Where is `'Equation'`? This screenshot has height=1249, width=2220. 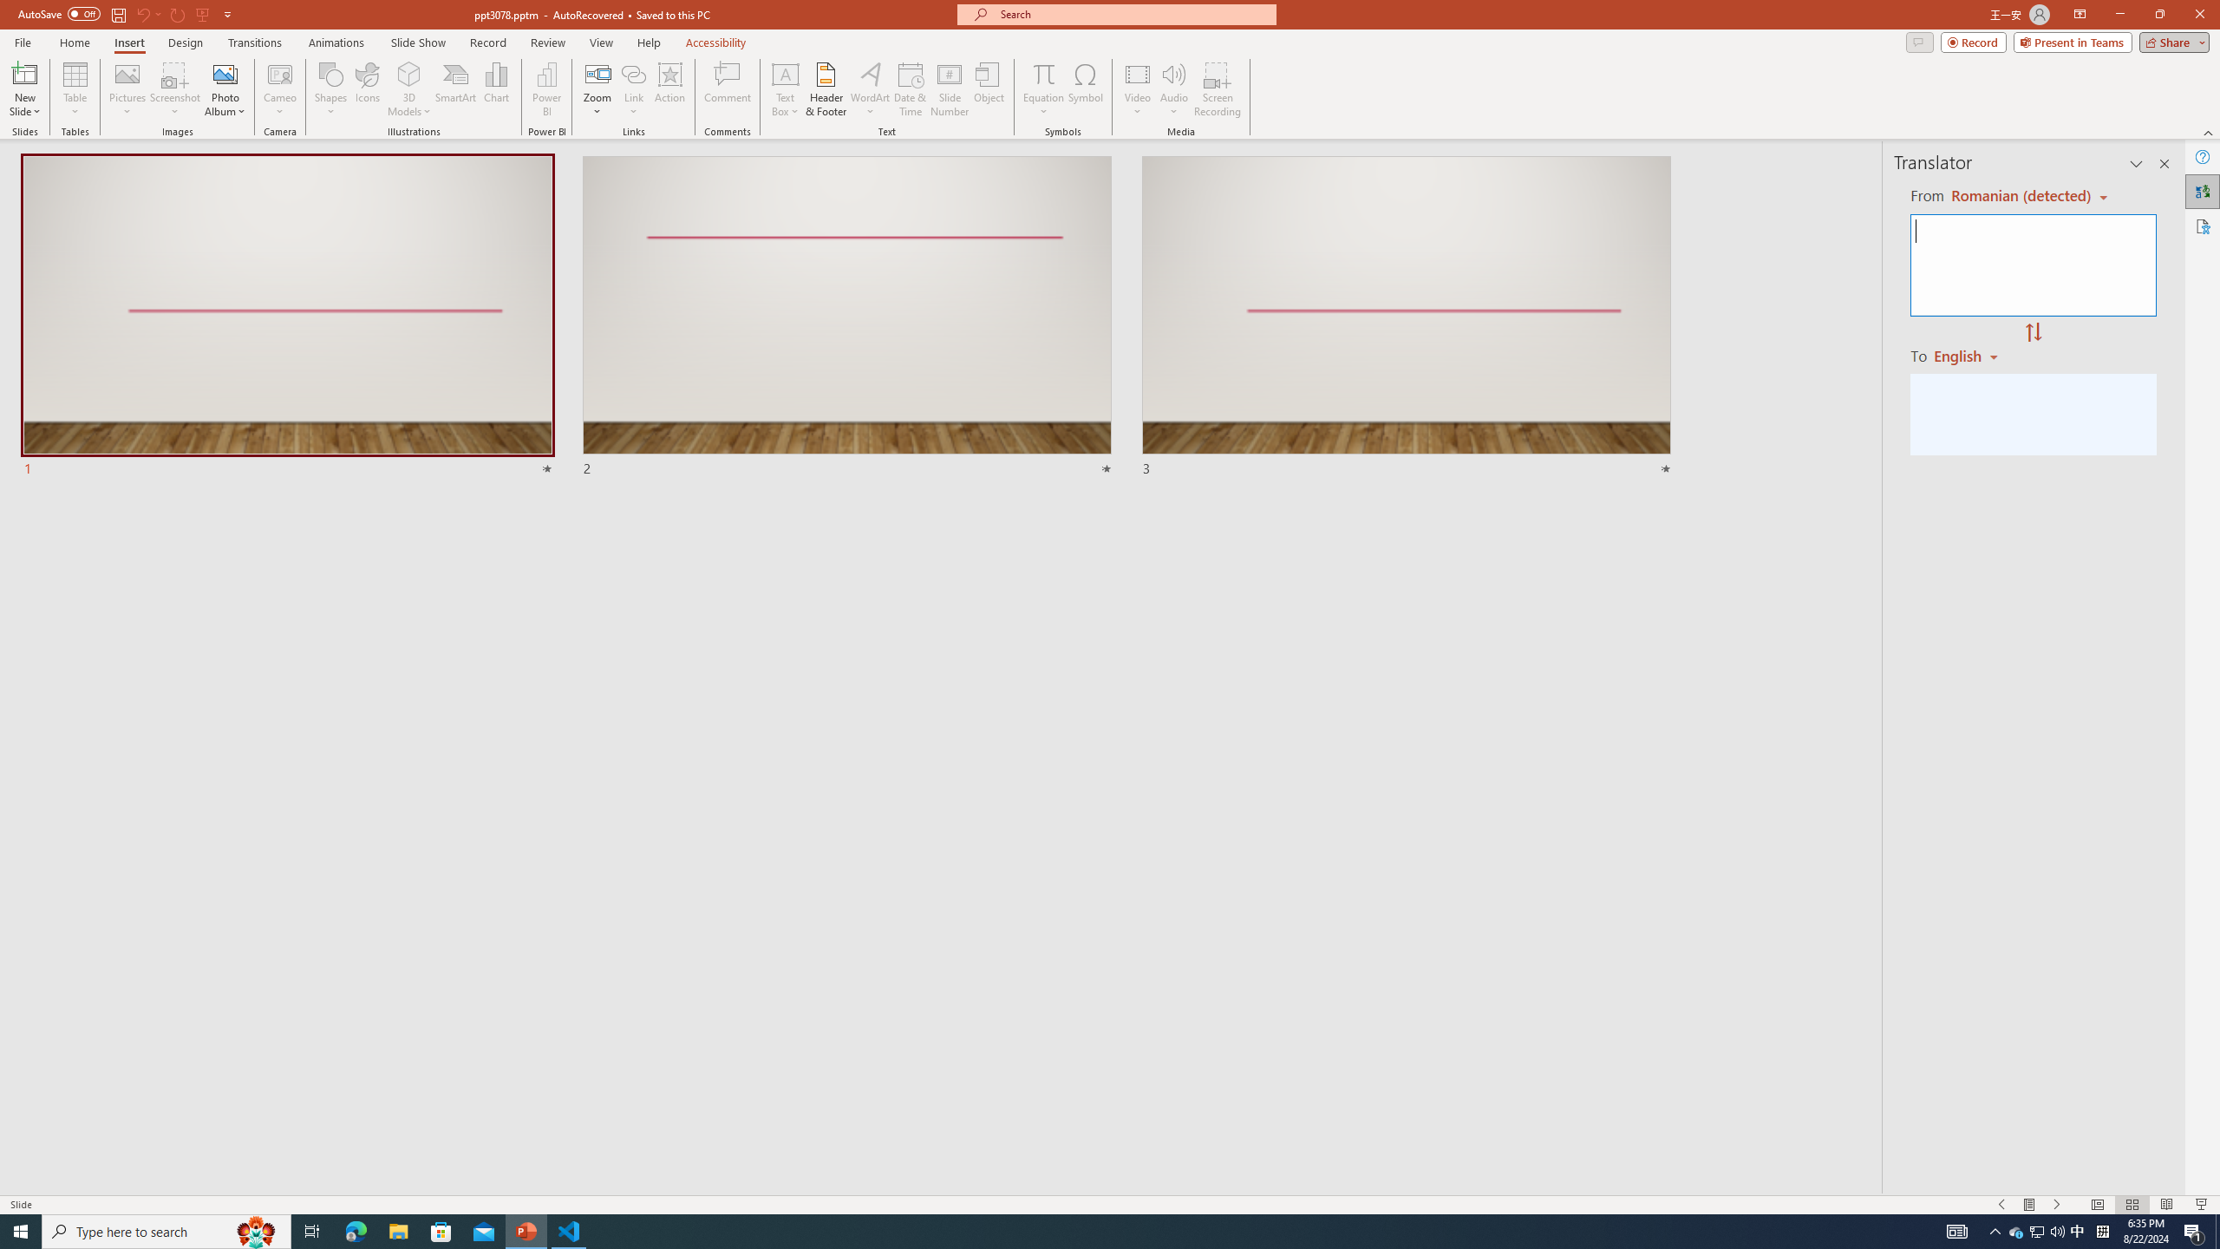 'Equation' is located at coordinates (1042, 73).